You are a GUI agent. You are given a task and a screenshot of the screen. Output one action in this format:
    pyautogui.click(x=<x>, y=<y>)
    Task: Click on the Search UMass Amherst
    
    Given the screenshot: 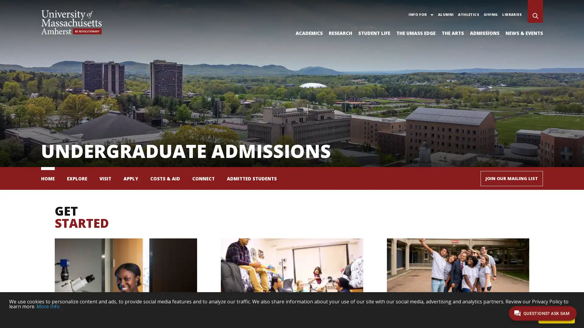 What is the action you would take?
    pyautogui.click(x=535, y=16)
    